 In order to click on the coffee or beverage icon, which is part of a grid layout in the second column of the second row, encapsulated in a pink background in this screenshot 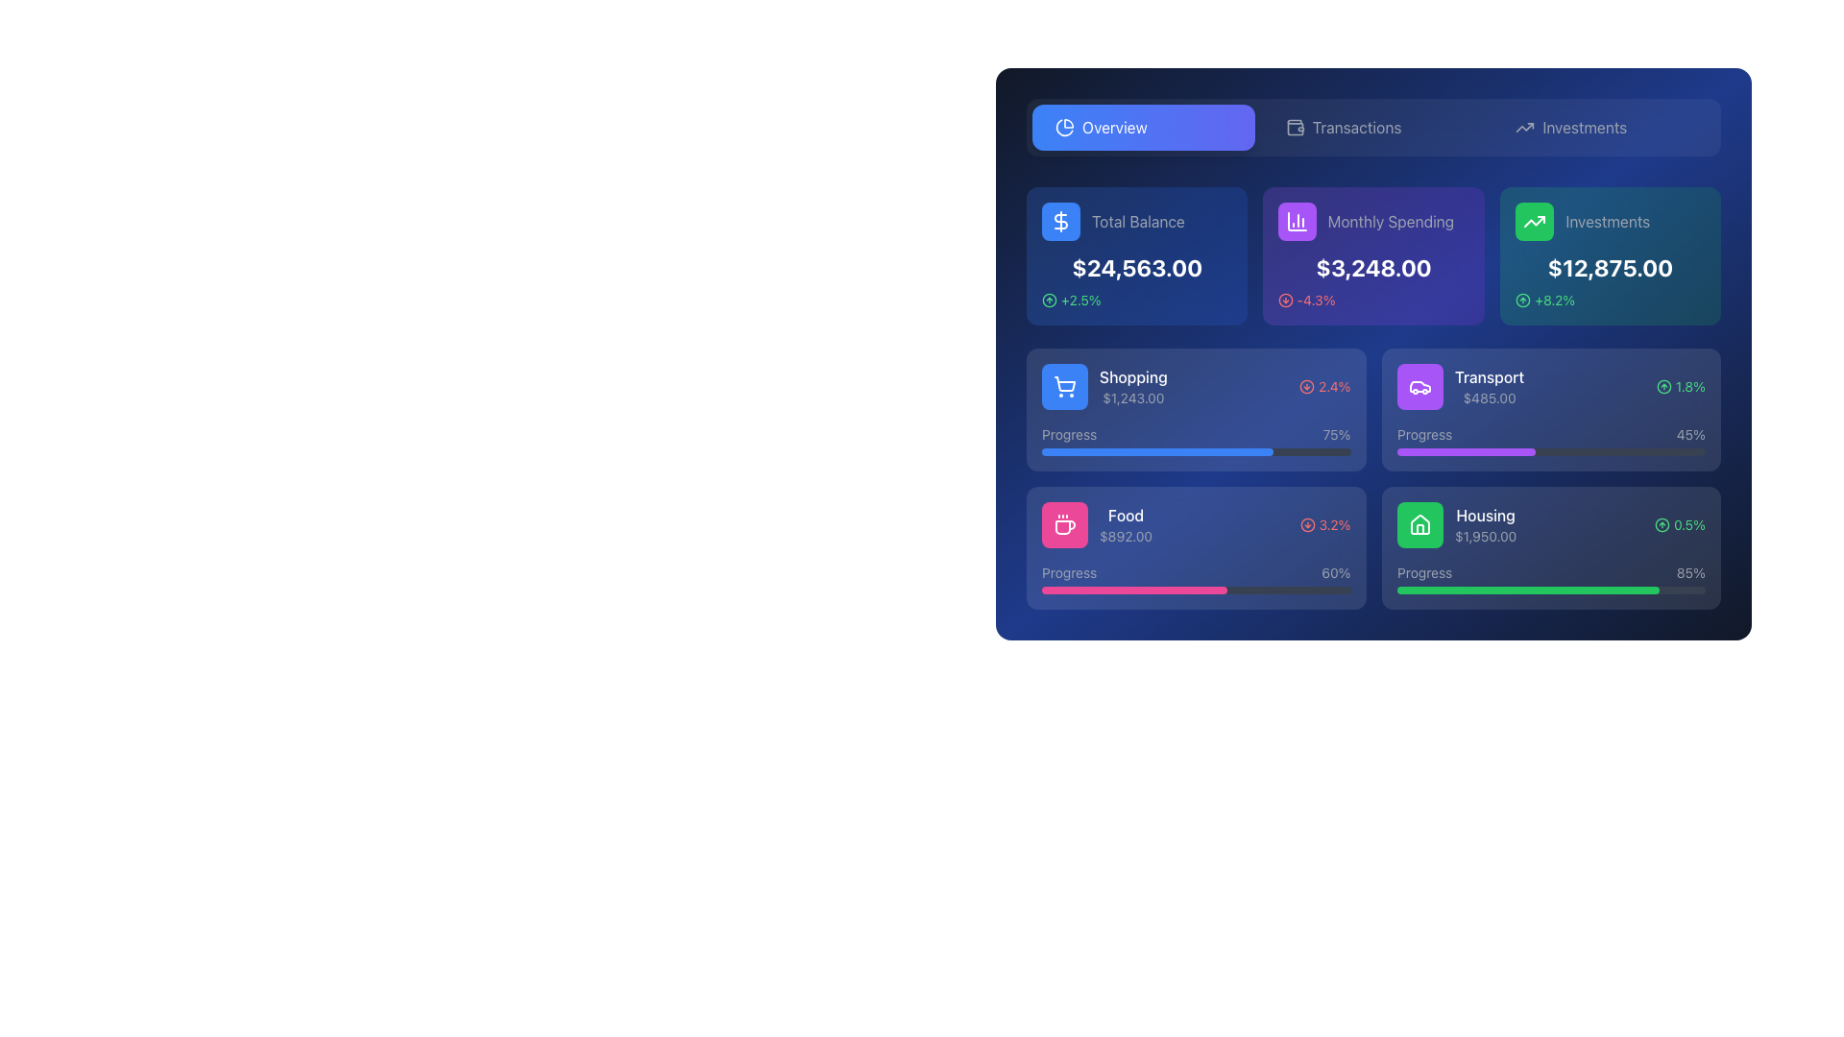, I will do `click(1063, 525)`.